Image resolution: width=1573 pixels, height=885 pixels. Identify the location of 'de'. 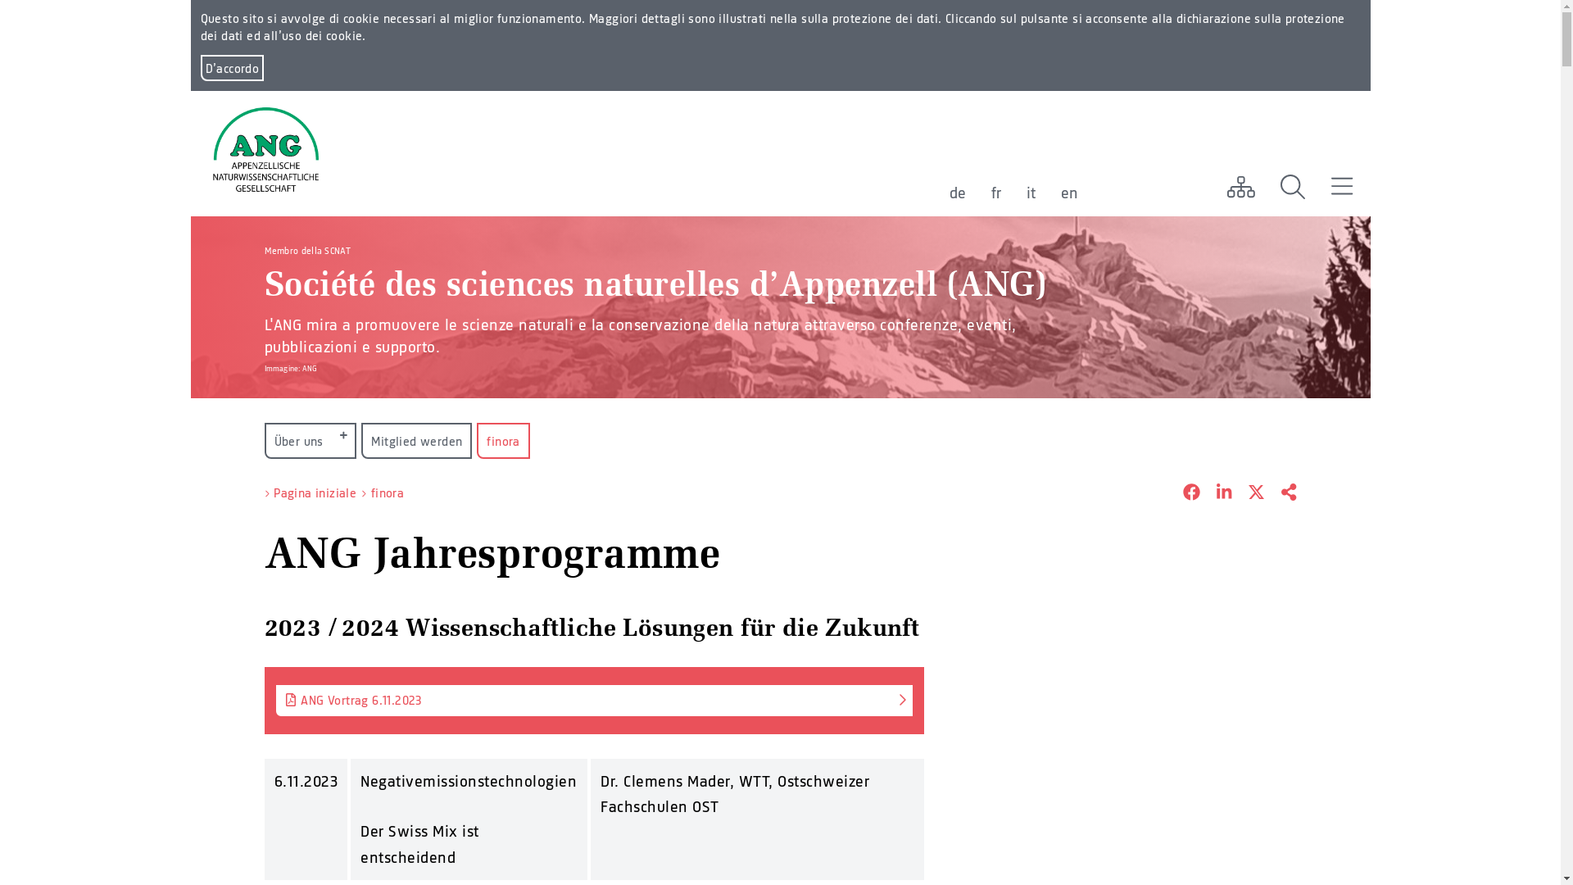
(957, 192).